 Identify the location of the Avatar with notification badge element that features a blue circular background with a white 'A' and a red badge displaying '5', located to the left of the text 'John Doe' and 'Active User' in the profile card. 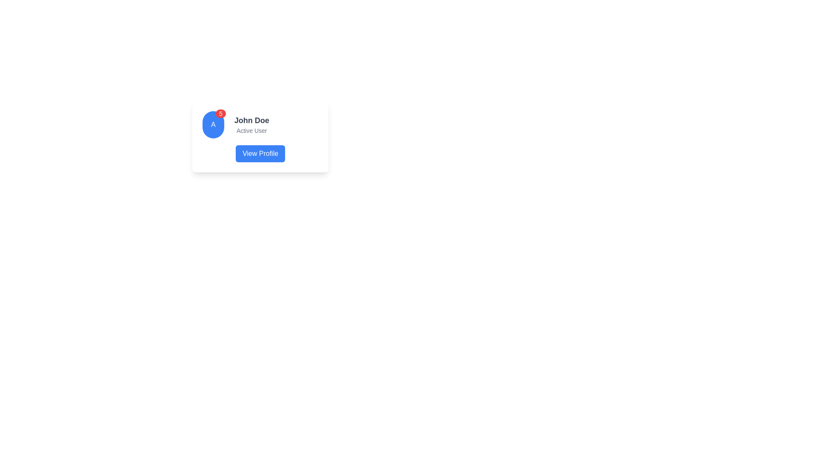
(213, 125).